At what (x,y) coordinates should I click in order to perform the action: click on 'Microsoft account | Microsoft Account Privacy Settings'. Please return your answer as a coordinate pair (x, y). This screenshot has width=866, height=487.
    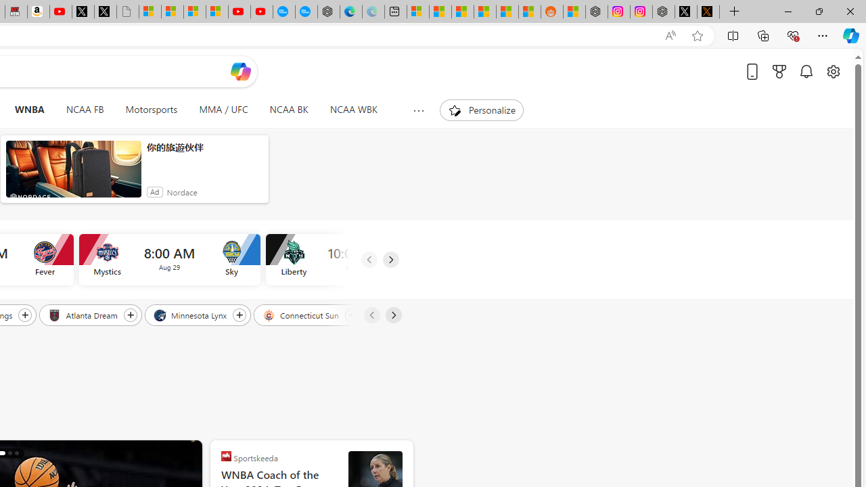
    Looking at the image, I should click on (417, 11).